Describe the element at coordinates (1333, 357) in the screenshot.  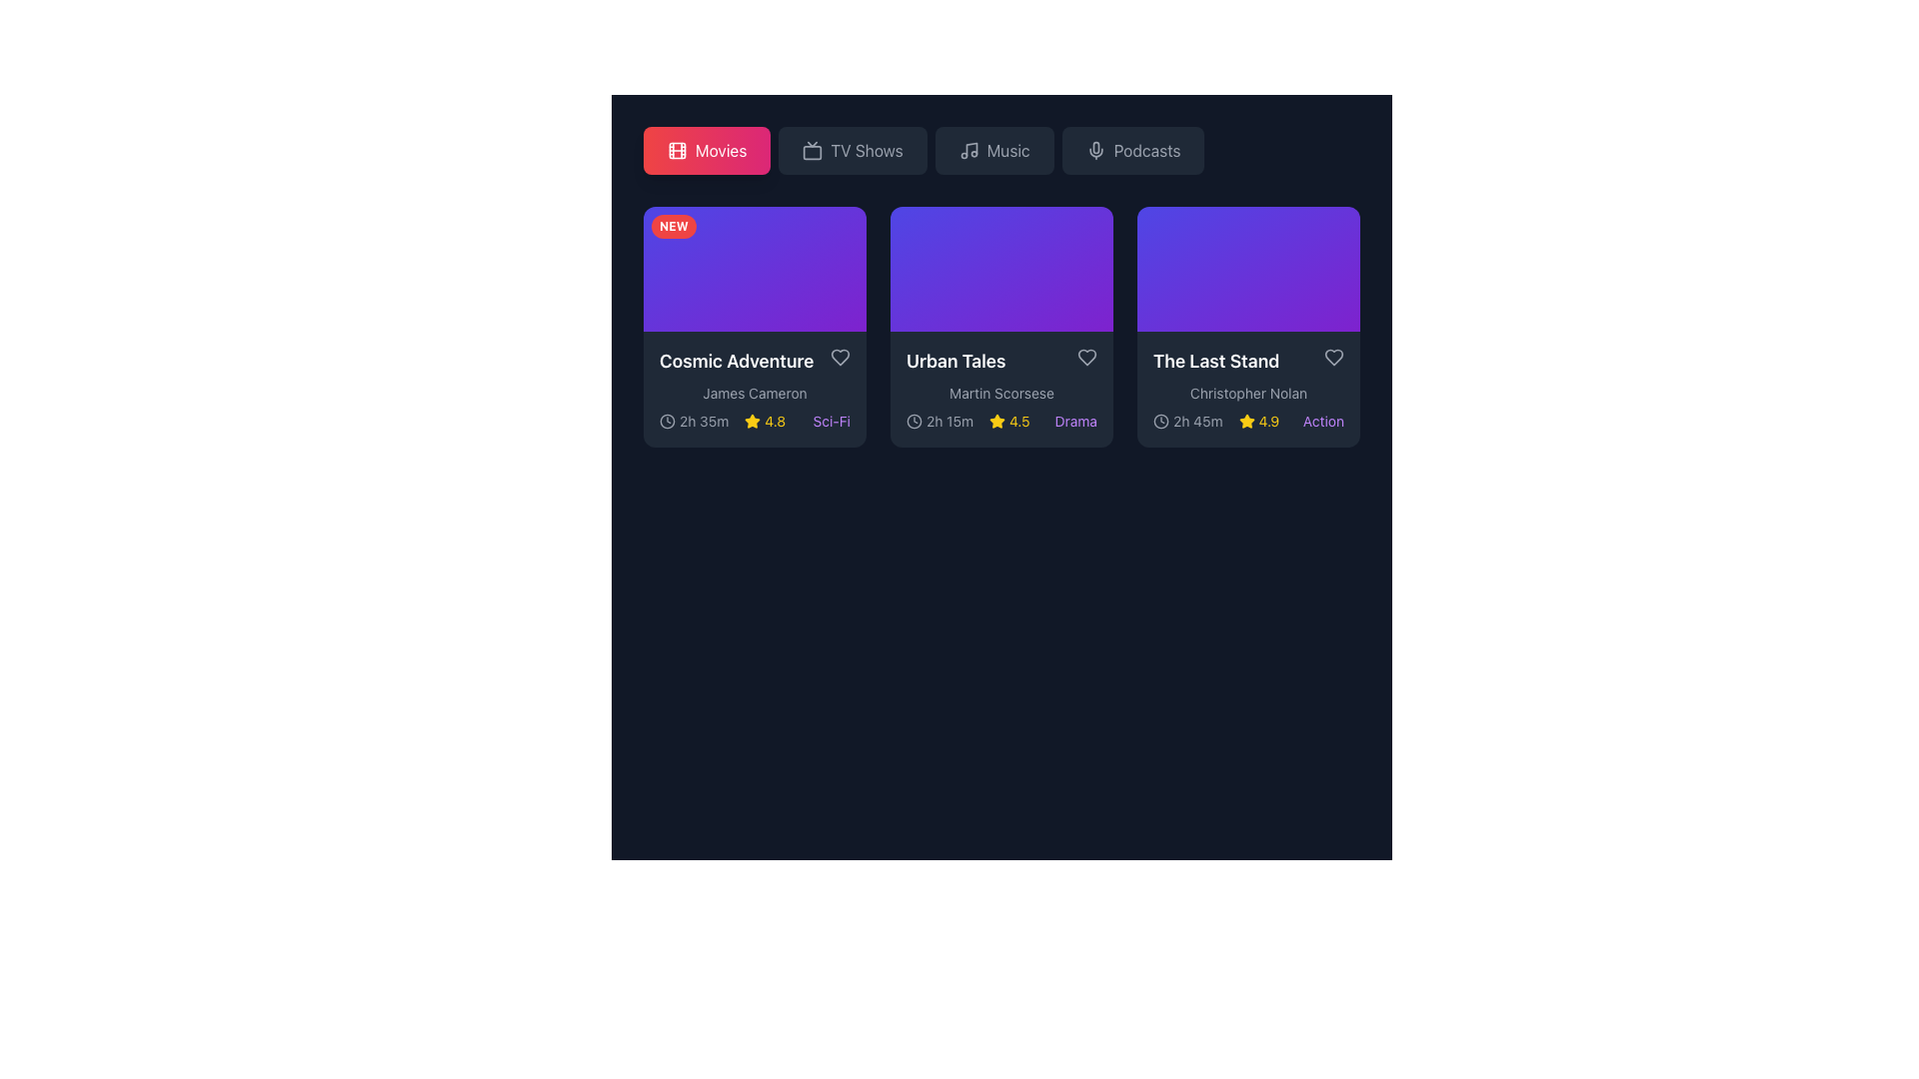
I see `the heart icon located in the top-right corner of the card labeled 'The Last Stand' to trigger the color change from gray to red` at that location.